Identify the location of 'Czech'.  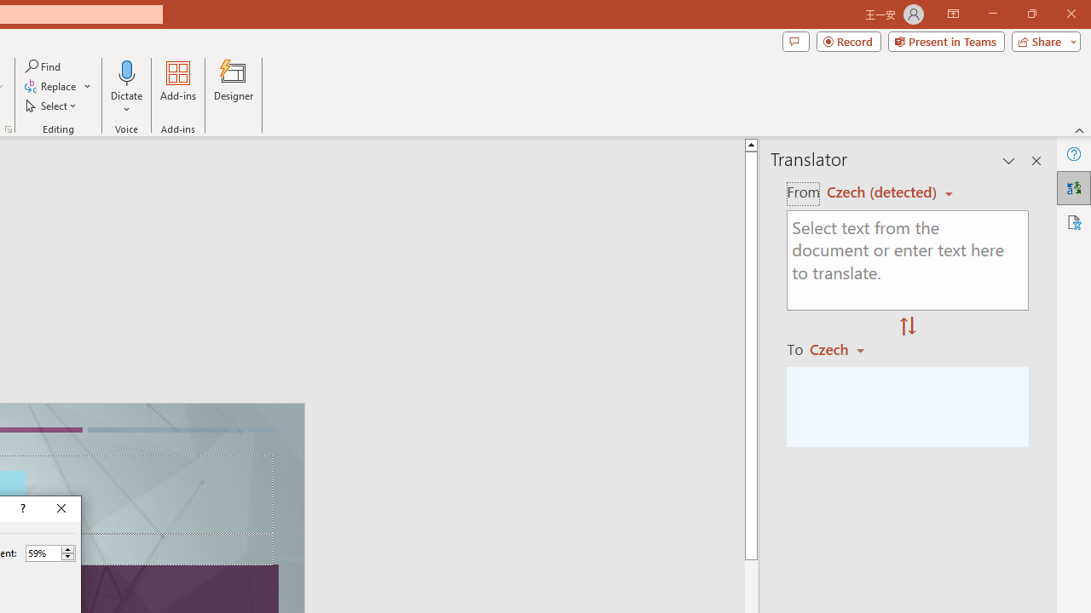
(845, 348).